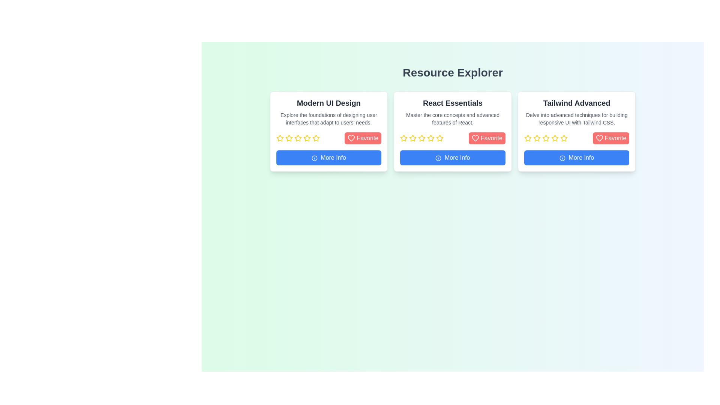 The height and width of the screenshot is (405, 720). What do you see at coordinates (546, 138) in the screenshot?
I see `the third star icon in the rating component, which visually represents a three-star rating out of five stars` at bounding box center [546, 138].